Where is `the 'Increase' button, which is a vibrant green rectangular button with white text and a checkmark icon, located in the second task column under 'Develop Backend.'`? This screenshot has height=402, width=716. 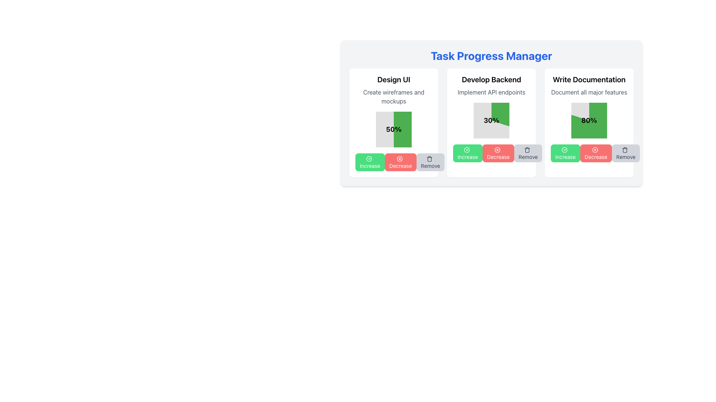 the 'Increase' button, which is a vibrant green rectangular button with white text and a checkmark icon, located in the second task column under 'Develop Backend.' is located at coordinates (467, 153).